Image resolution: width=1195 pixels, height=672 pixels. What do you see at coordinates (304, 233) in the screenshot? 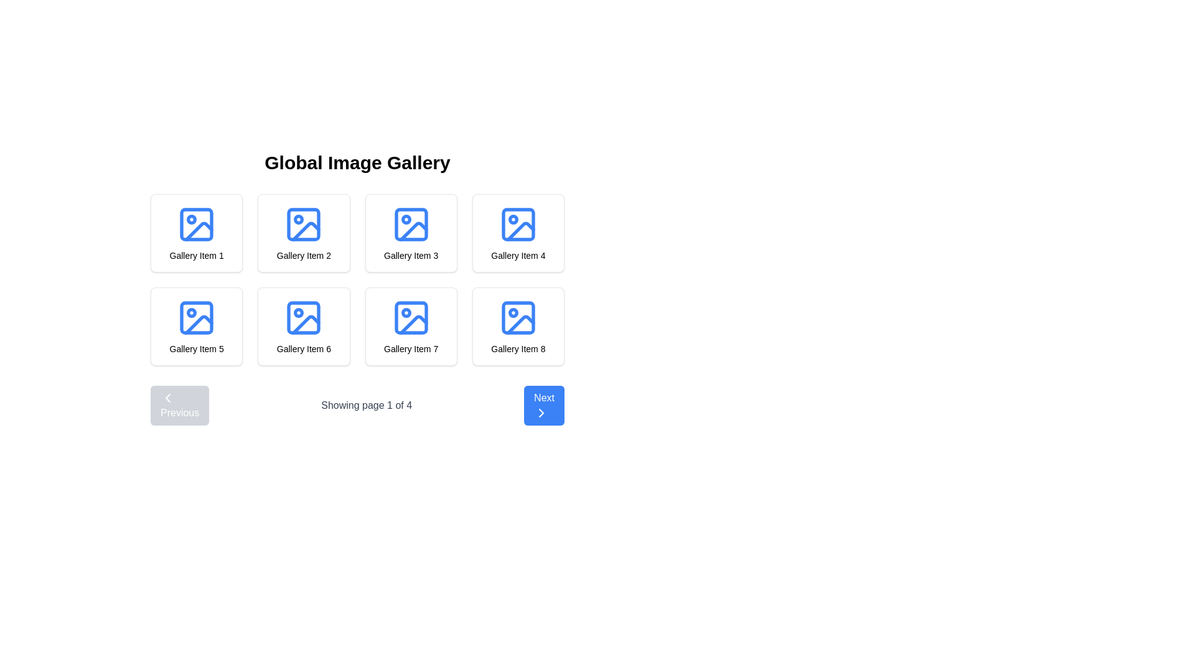
I see `the Card element in the gallery layout, which is the second card in the first row of a 4-column grid` at bounding box center [304, 233].